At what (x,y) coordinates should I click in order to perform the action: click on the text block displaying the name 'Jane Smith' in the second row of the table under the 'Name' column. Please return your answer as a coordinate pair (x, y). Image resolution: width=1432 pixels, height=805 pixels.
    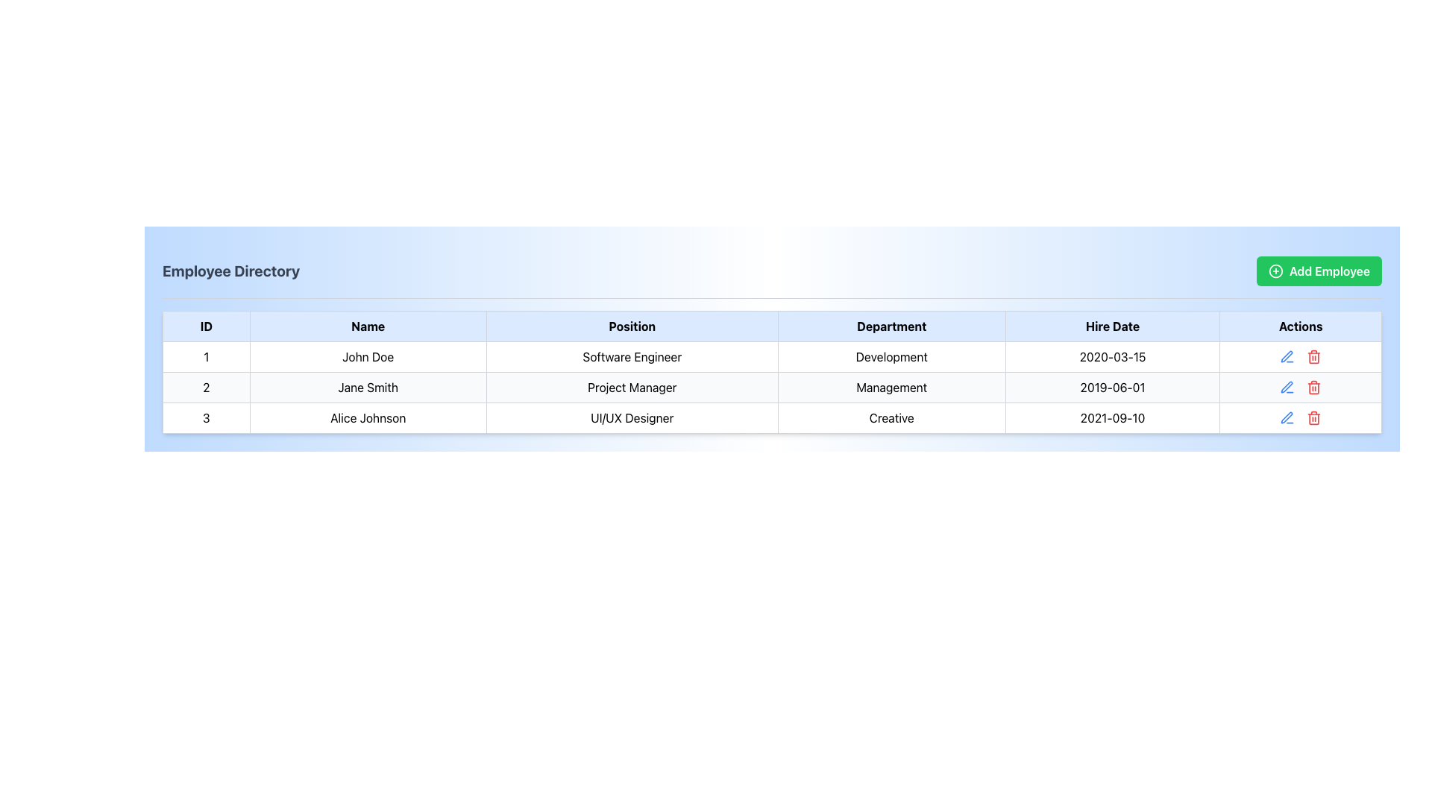
    Looking at the image, I should click on (368, 387).